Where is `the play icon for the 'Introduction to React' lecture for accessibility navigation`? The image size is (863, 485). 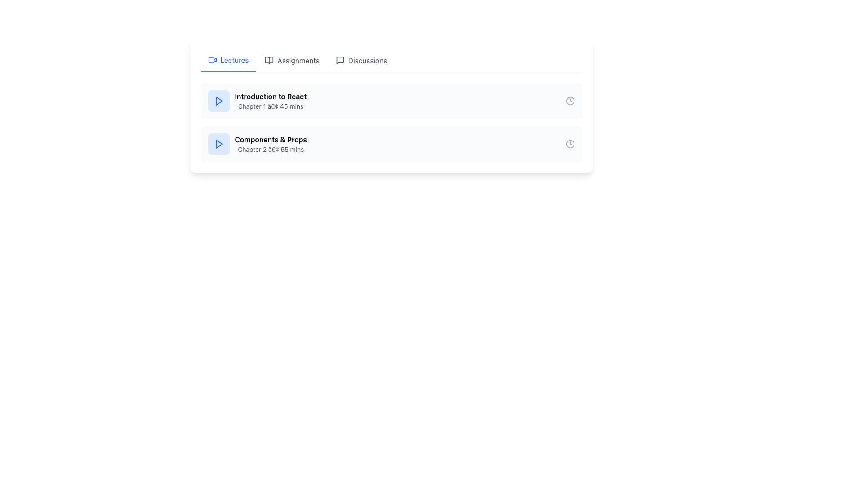
the play icon for the 'Introduction to React' lecture for accessibility navigation is located at coordinates (218, 101).